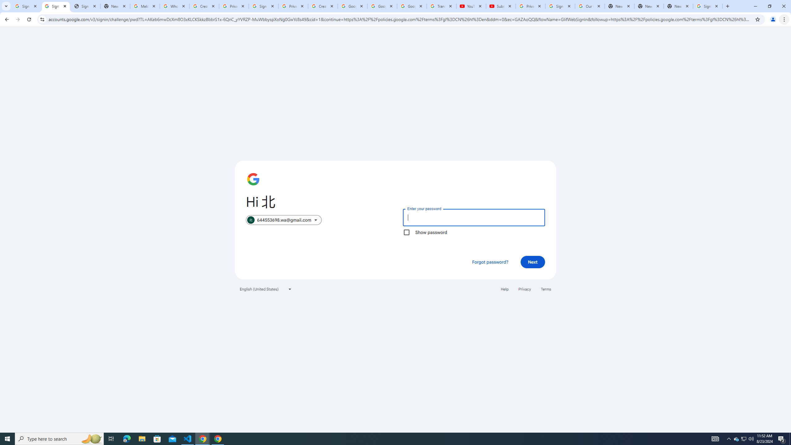 The height and width of the screenshot is (445, 791). What do you see at coordinates (471, 6) in the screenshot?
I see `'YouTube'` at bounding box center [471, 6].